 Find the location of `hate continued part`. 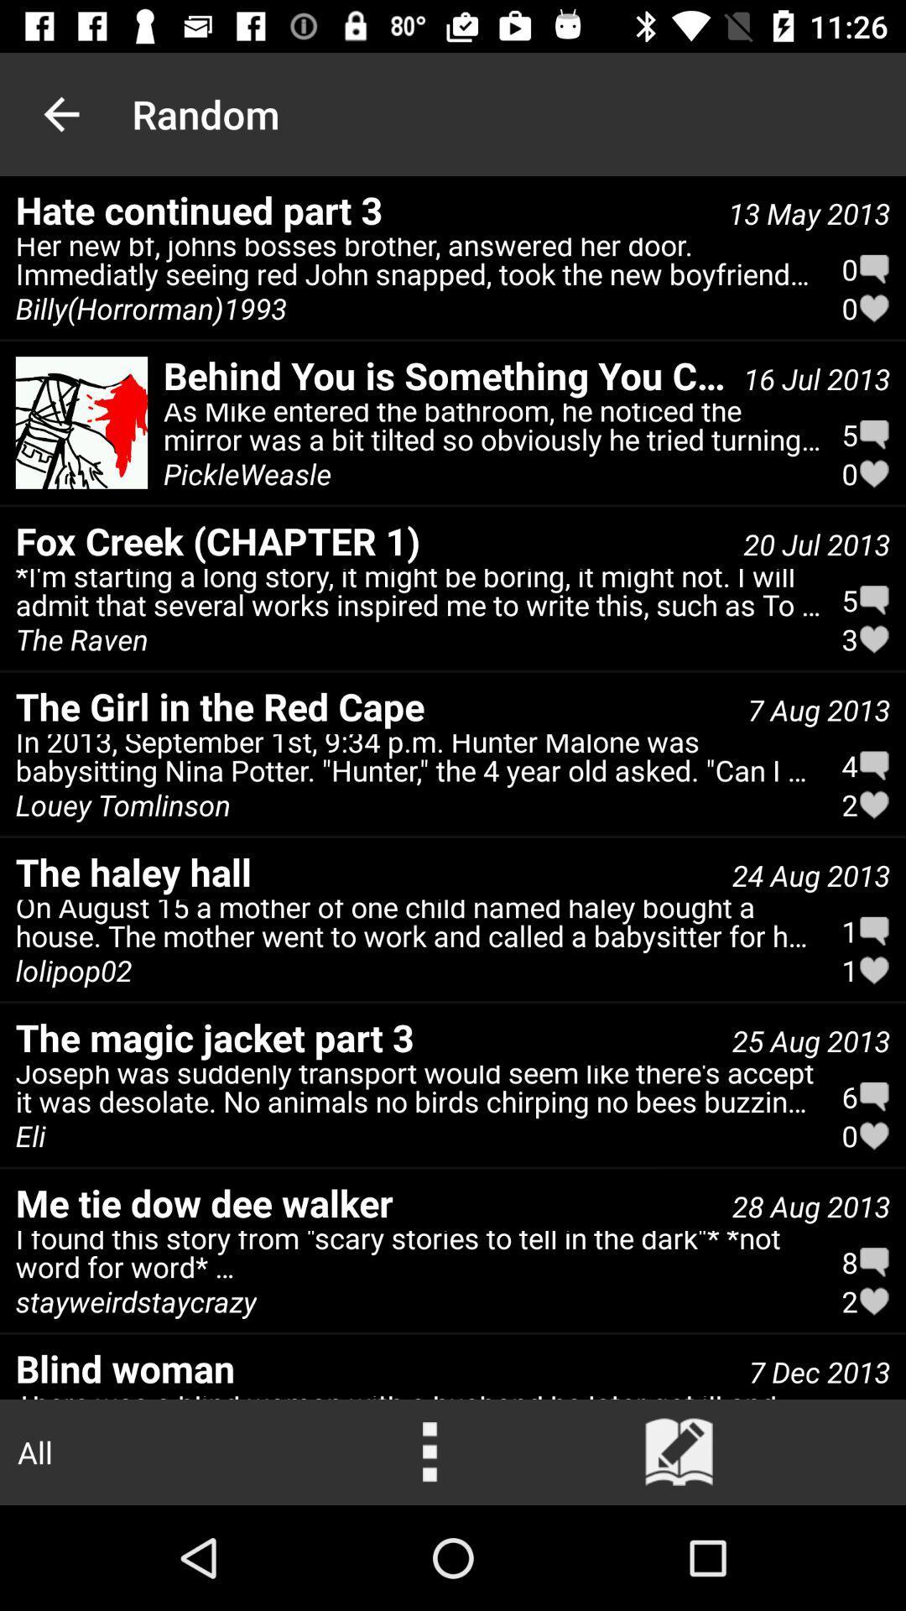

hate continued part is located at coordinates (363, 209).